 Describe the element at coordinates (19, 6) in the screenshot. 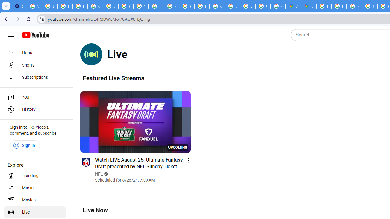

I see `'Settings - On startup'` at that location.